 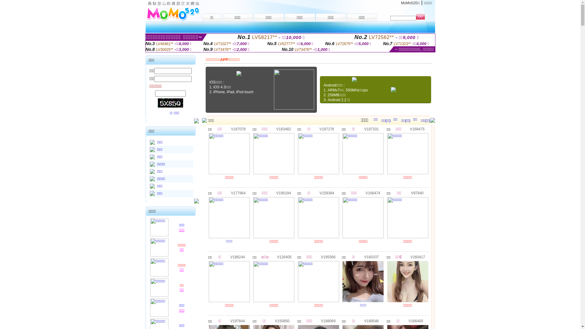 I want to click on 'V187331', so click(x=371, y=129).